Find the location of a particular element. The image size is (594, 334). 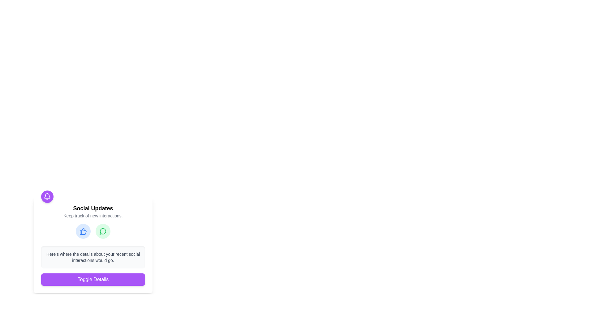

the conversation feature icon located in the middle of the 'Social Updates' card, to the right of the thumbs-up icon, directly below the title 'Social Updates' is located at coordinates (103, 231).